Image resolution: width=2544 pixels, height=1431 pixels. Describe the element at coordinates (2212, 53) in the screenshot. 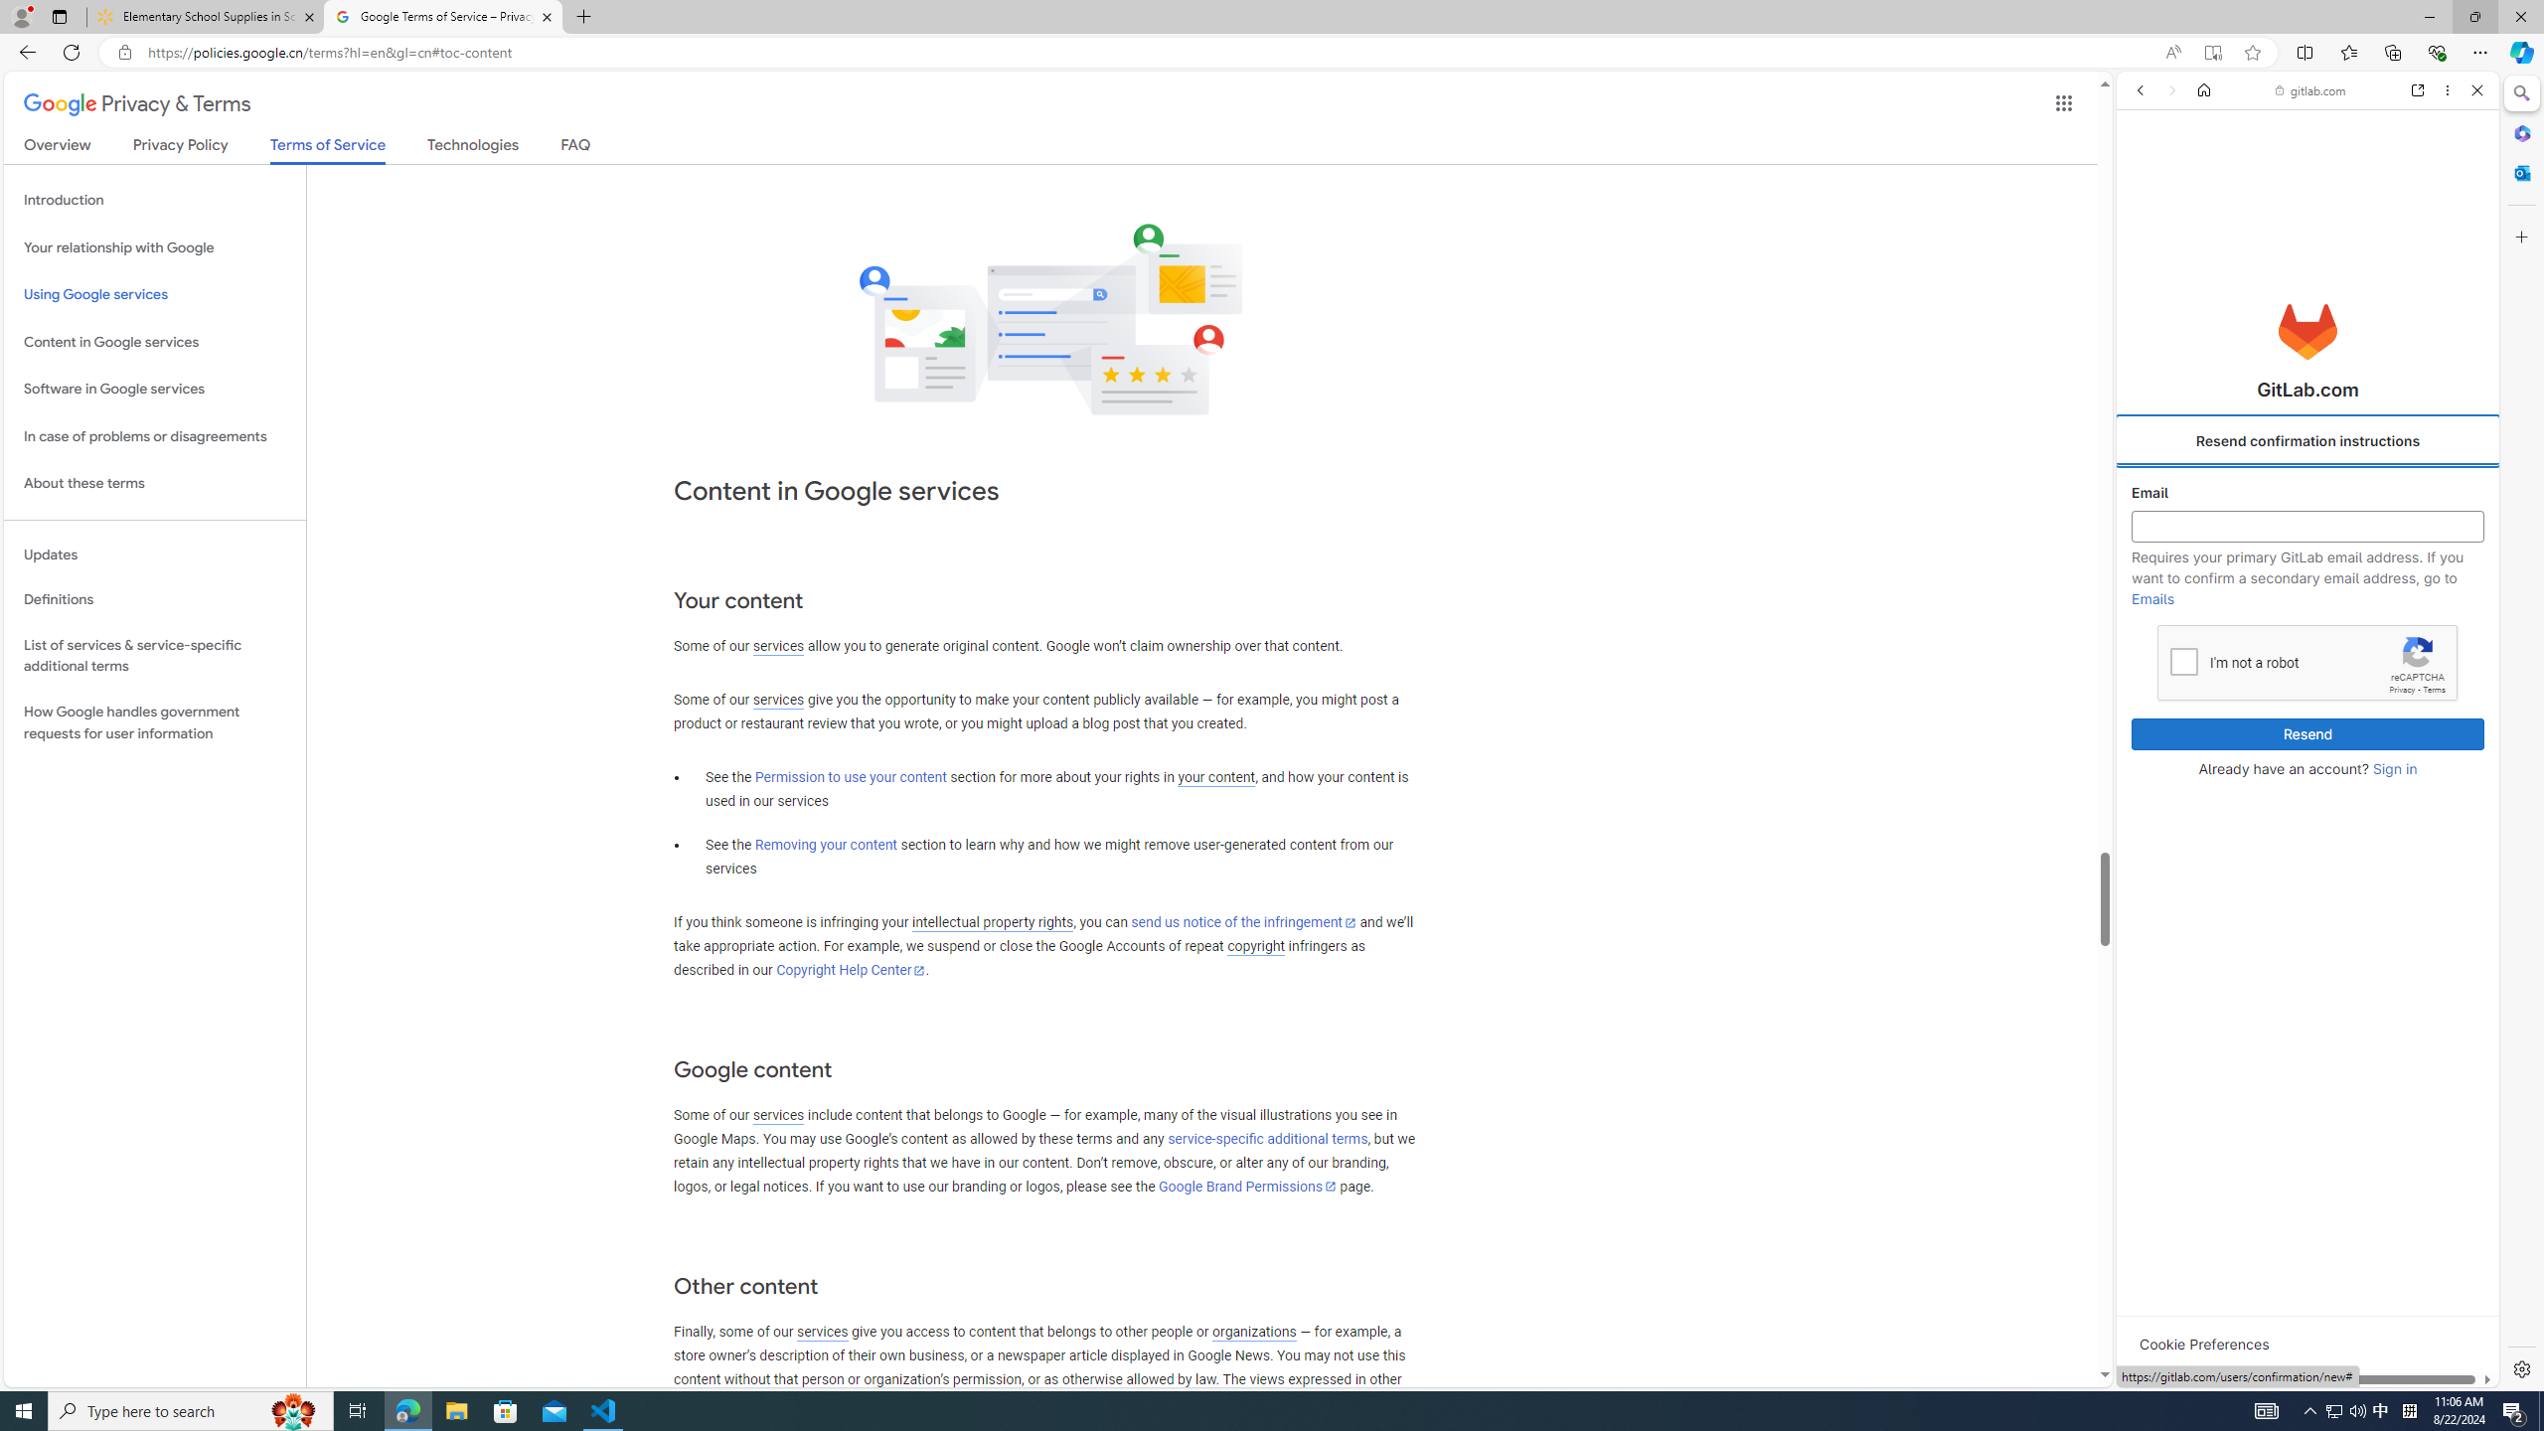

I see `'Enter Immersive Reader (F9)'` at that location.